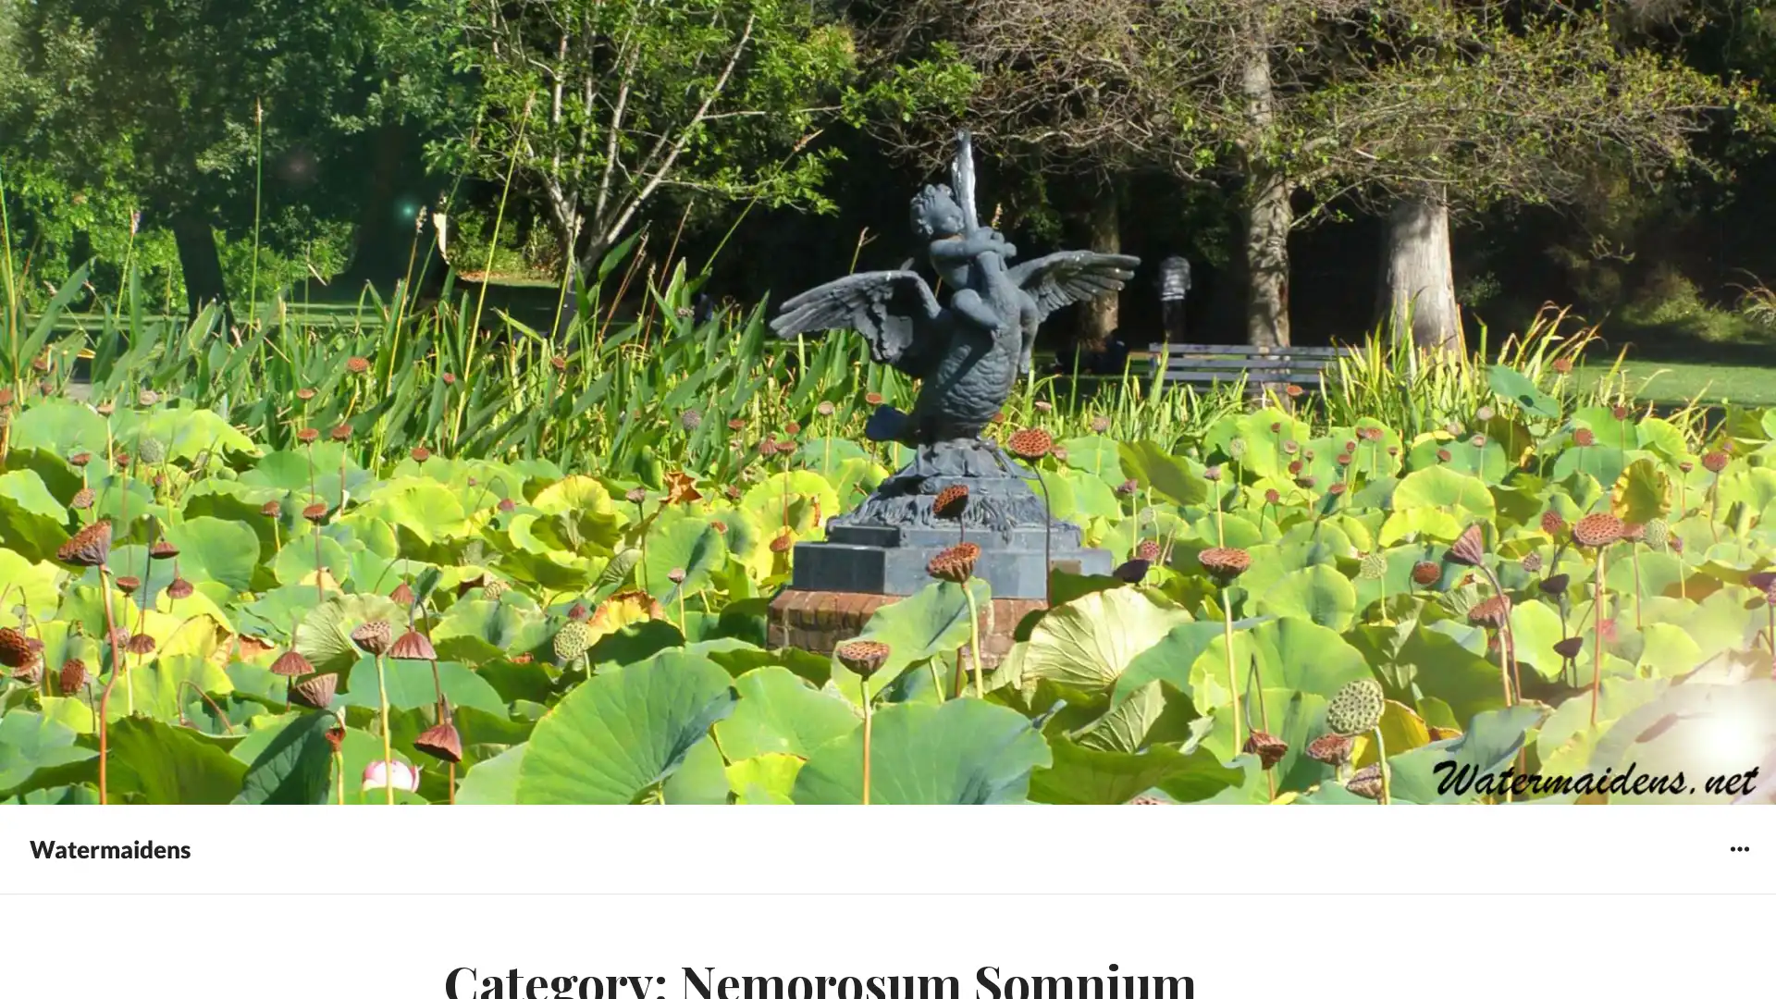  What do you see at coordinates (1738, 848) in the screenshot?
I see `WIDGETS` at bounding box center [1738, 848].